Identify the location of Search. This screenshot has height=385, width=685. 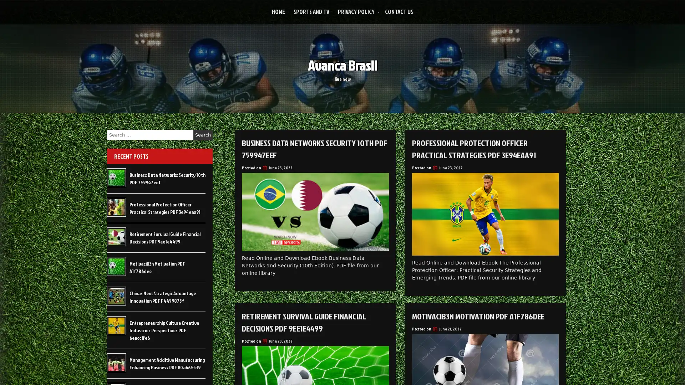
(203, 135).